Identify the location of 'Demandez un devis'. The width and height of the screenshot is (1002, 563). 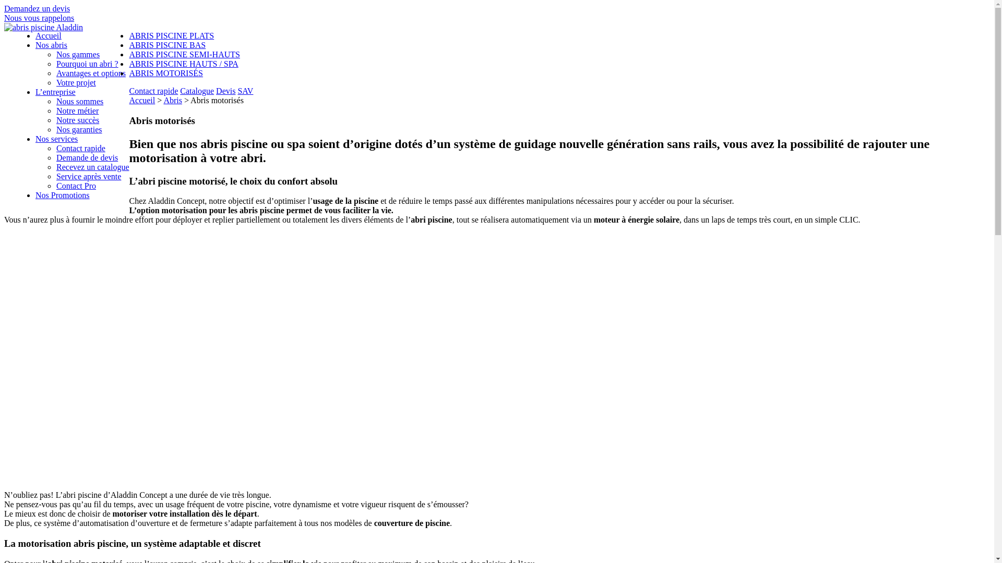
(37, 8).